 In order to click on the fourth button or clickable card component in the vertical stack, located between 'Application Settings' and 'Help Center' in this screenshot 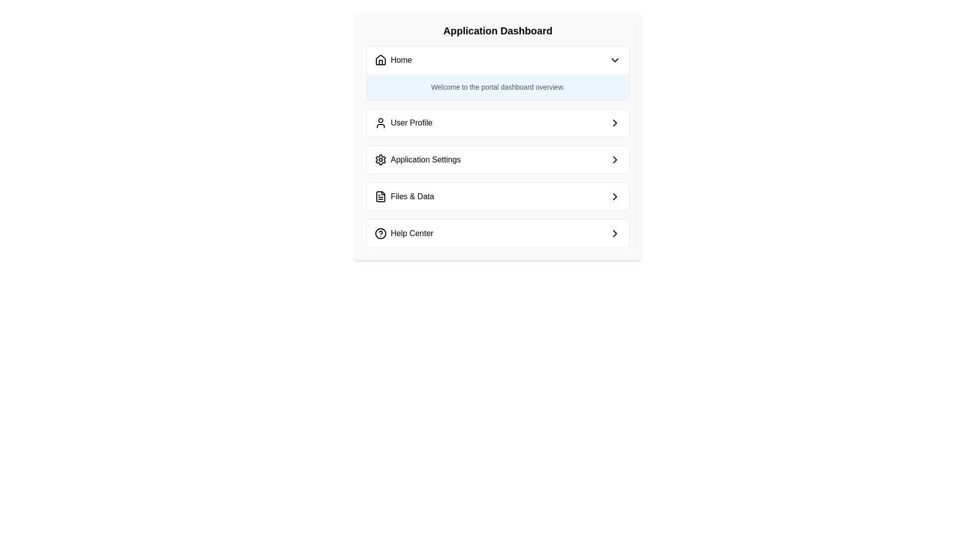, I will do `click(497, 196)`.